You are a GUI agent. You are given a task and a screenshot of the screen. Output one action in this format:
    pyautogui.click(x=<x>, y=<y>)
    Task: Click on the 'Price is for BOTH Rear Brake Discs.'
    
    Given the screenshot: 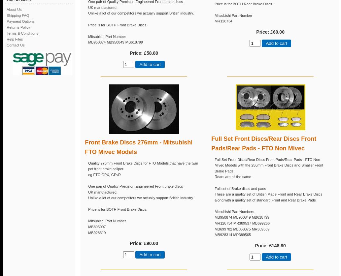 What is the action you would take?
    pyautogui.click(x=244, y=3)
    